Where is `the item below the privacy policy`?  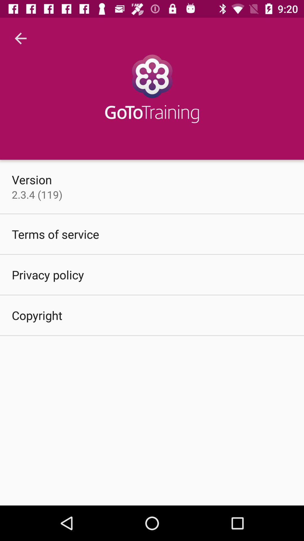 the item below the privacy policy is located at coordinates (37, 315).